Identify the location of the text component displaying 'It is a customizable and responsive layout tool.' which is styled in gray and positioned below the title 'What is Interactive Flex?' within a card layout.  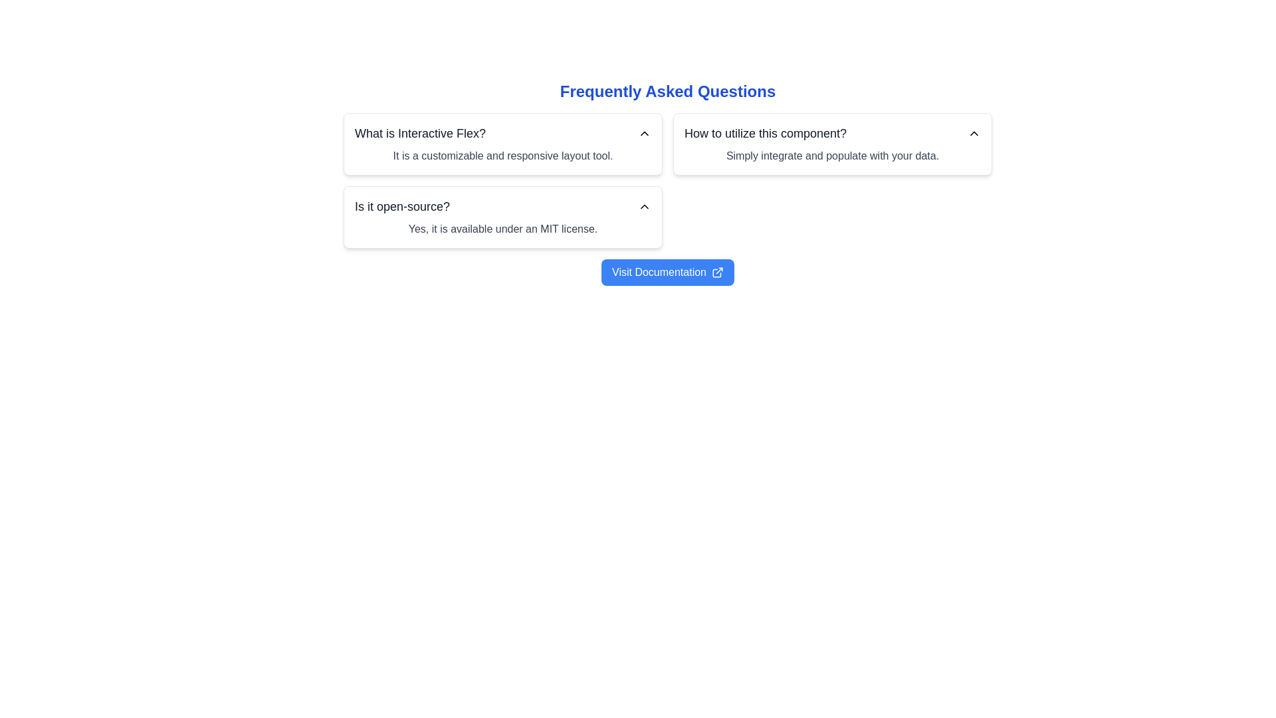
(502, 156).